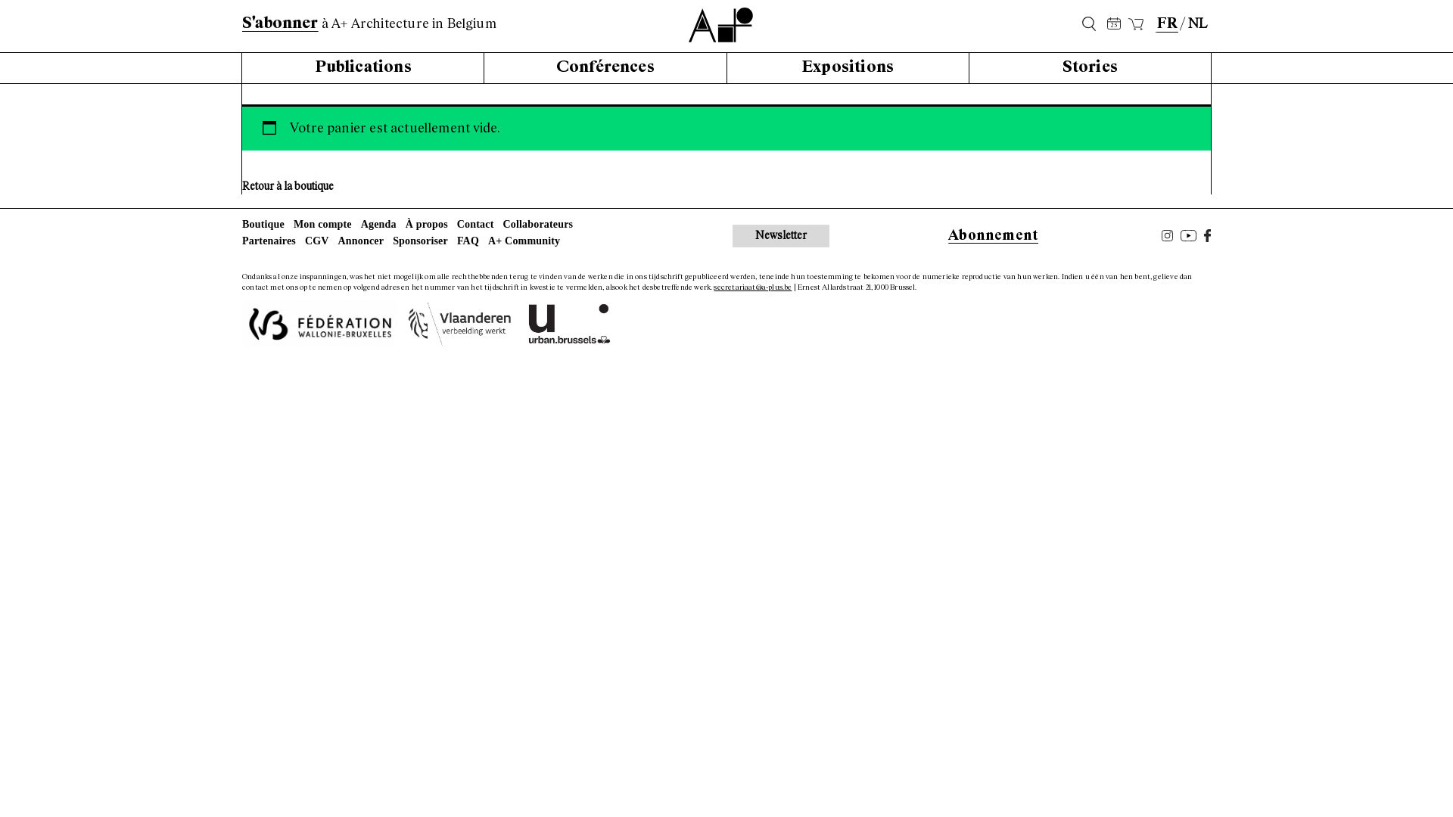 Image resolution: width=1453 pixels, height=817 pixels. What do you see at coordinates (362, 67) in the screenshot?
I see `'Publications'` at bounding box center [362, 67].